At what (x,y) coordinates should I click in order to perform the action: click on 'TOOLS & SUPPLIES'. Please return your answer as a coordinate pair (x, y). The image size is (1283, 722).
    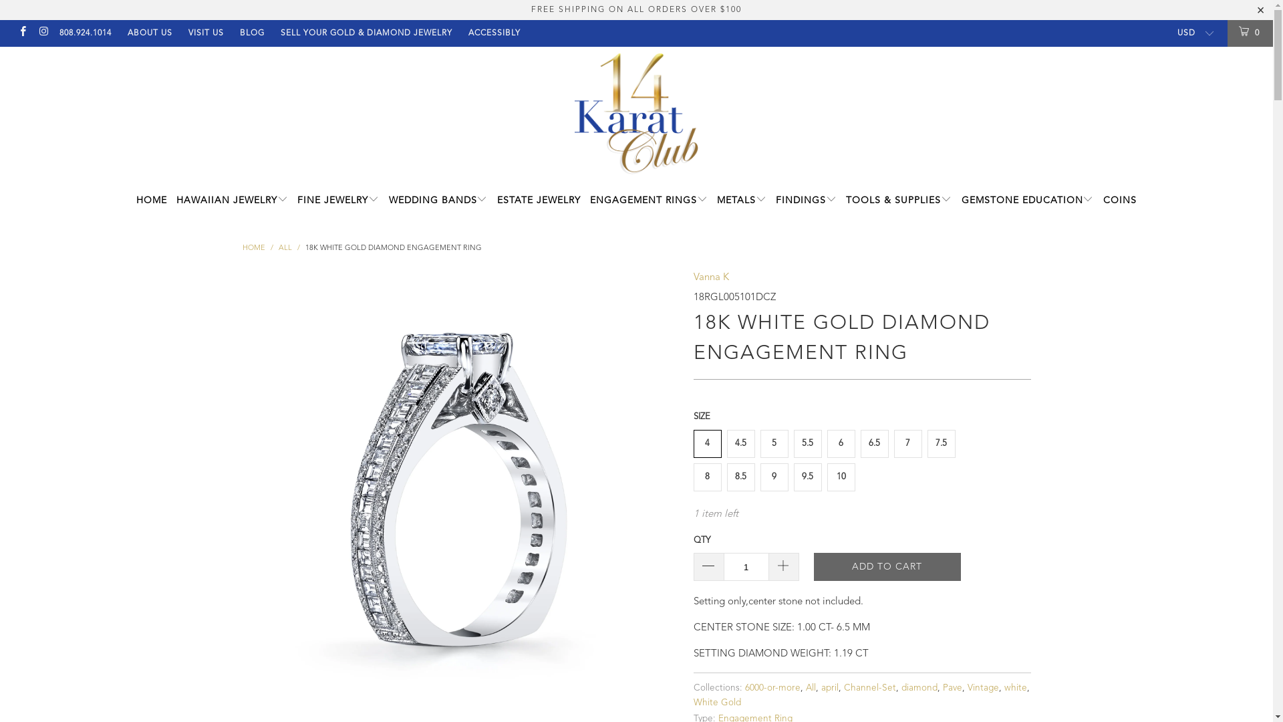
    Looking at the image, I should click on (898, 201).